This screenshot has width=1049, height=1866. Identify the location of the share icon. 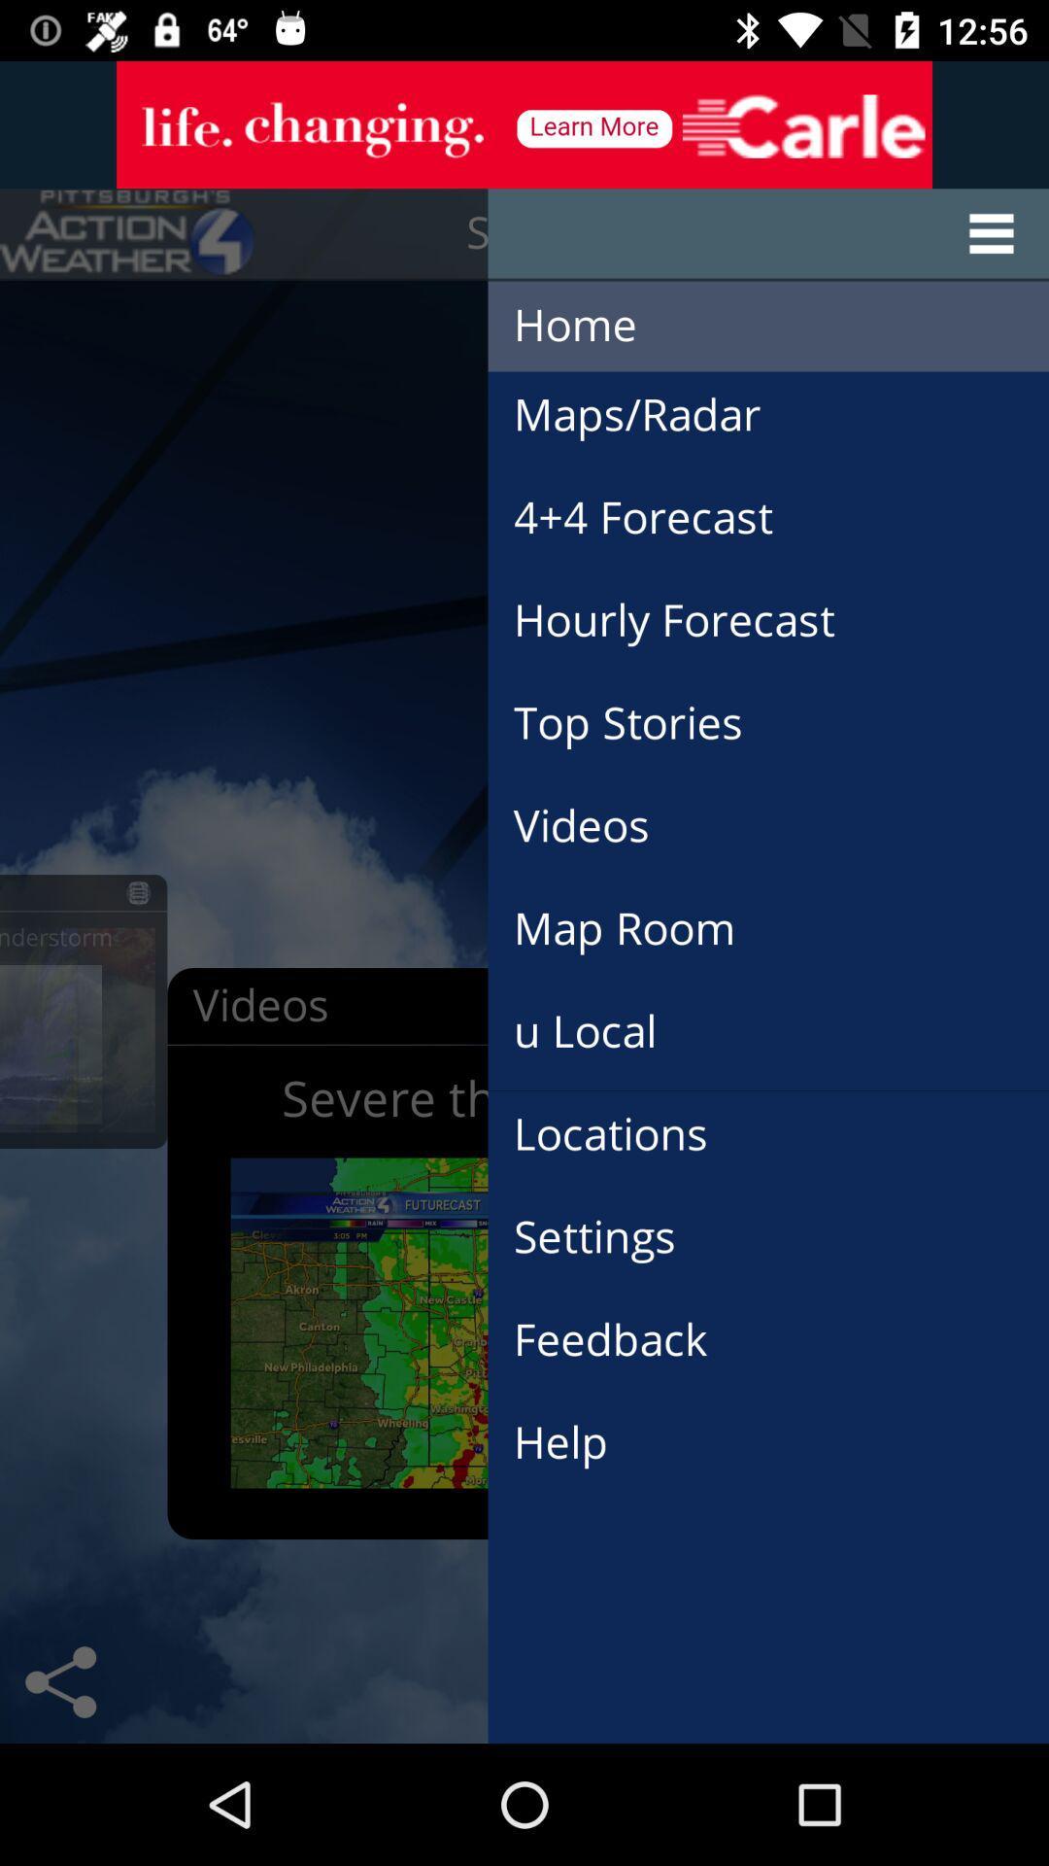
(59, 1681).